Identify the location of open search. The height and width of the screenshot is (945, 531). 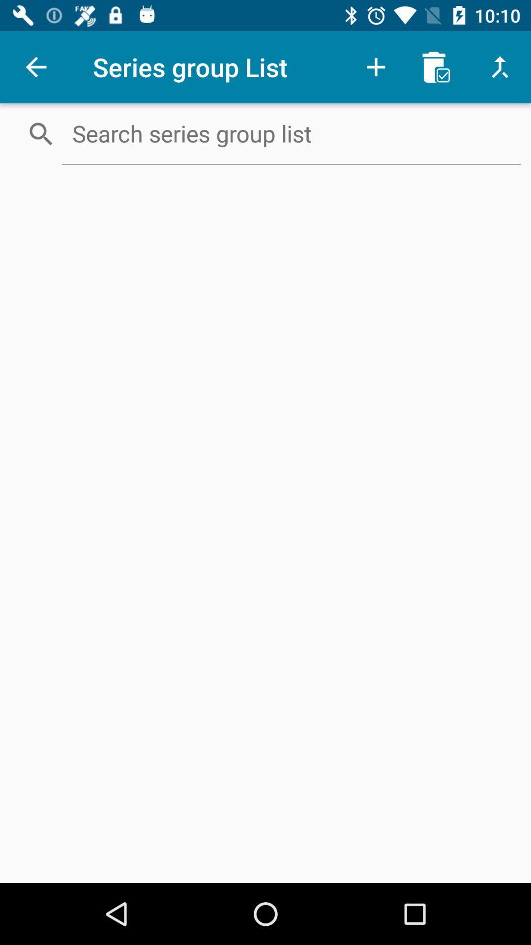
(291, 133).